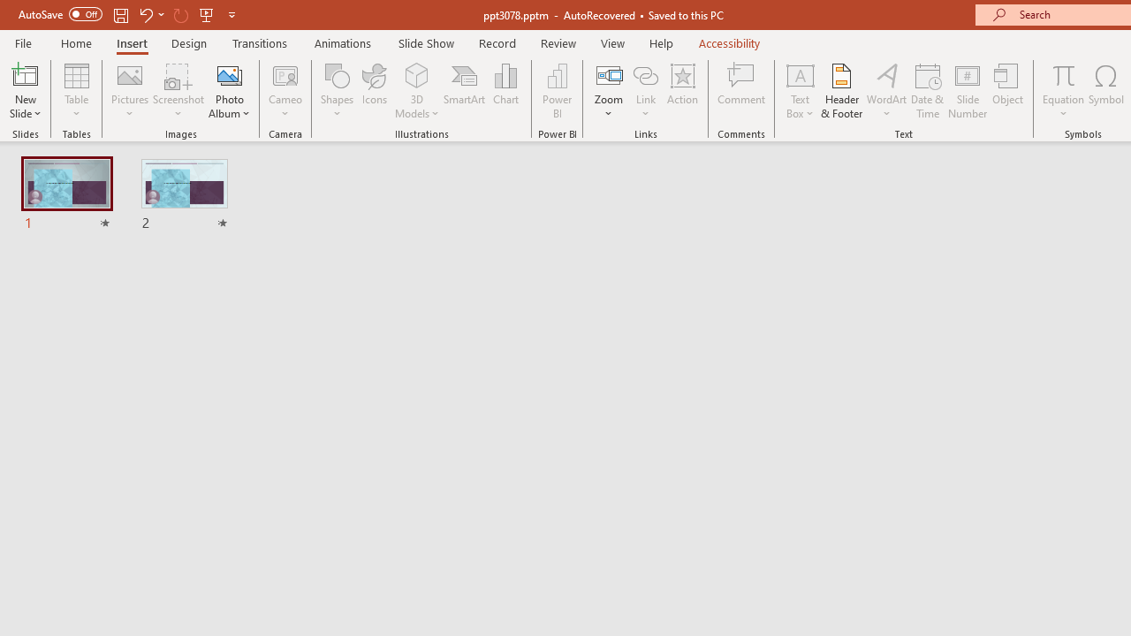  What do you see at coordinates (228, 91) in the screenshot?
I see `'Photo Album...'` at bounding box center [228, 91].